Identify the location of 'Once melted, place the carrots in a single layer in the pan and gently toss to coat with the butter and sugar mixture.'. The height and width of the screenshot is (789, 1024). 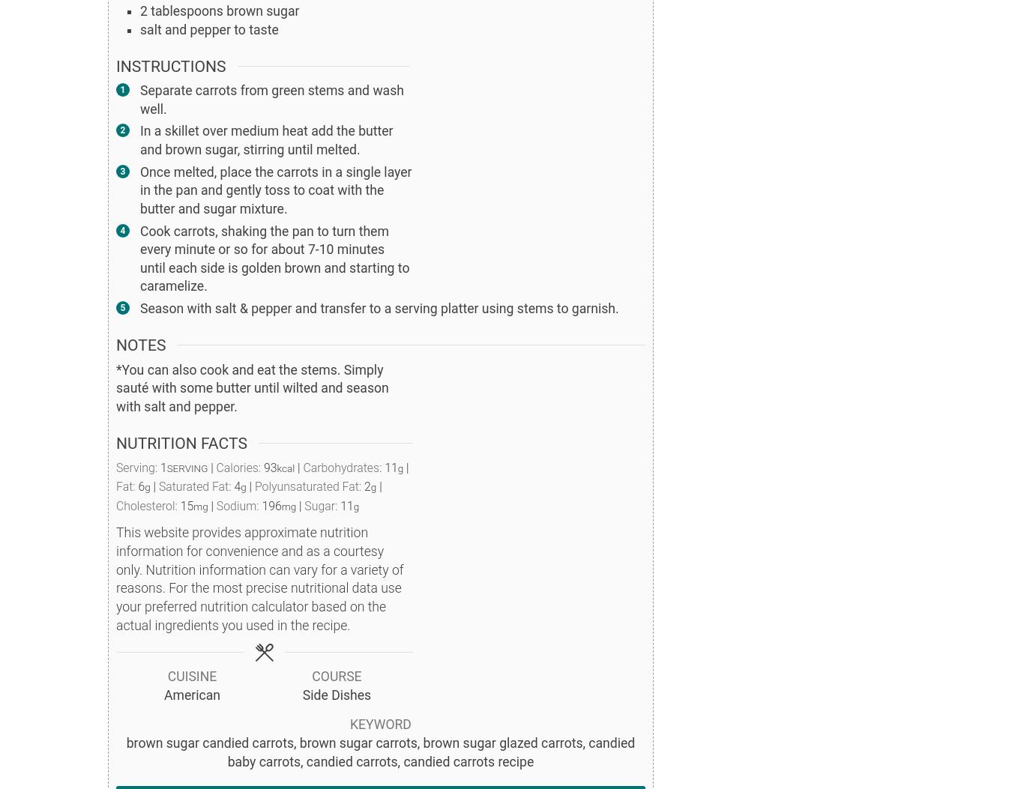
(275, 189).